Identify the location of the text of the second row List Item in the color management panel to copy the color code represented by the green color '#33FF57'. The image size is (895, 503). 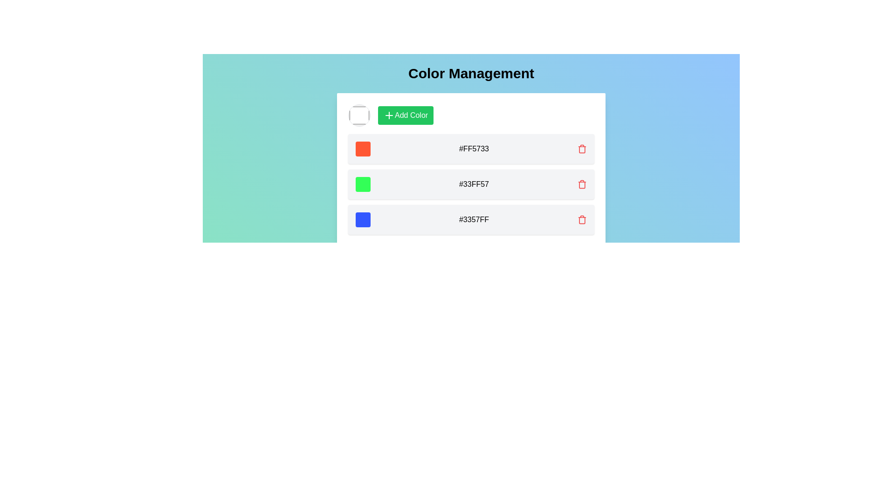
(471, 184).